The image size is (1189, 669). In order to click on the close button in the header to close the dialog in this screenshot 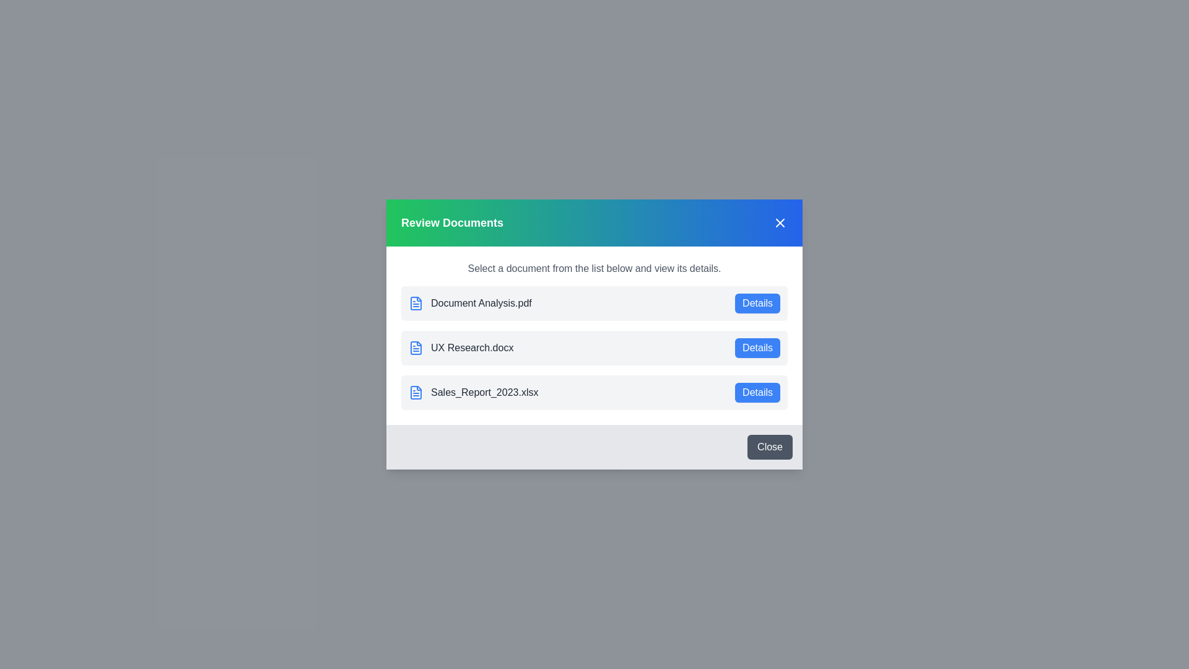, I will do `click(779, 222)`.